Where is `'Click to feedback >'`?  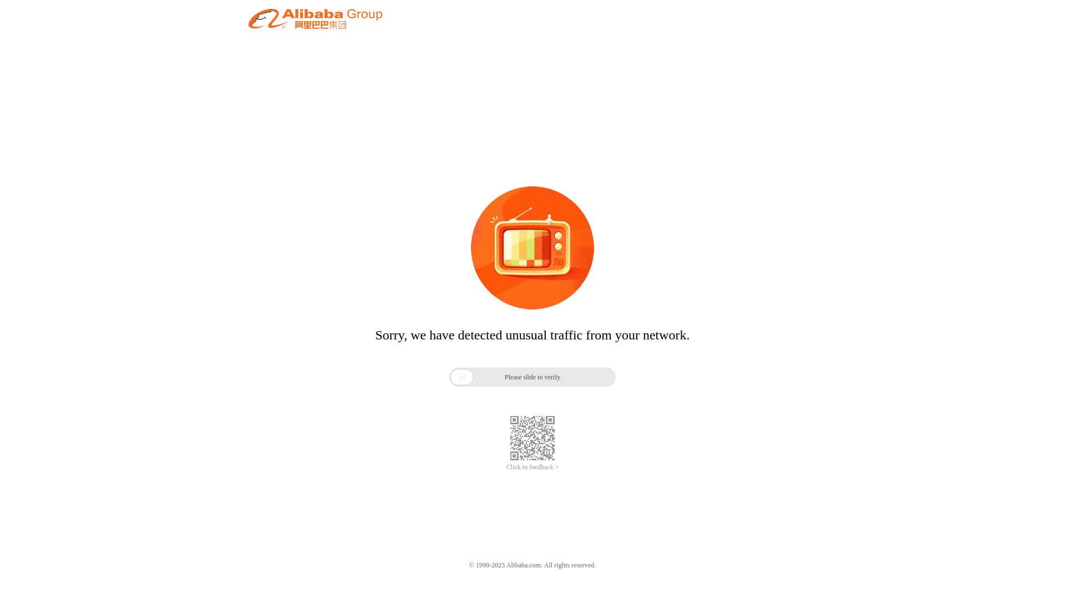 'Click to feedback >' is located at coordinates (532, 467).